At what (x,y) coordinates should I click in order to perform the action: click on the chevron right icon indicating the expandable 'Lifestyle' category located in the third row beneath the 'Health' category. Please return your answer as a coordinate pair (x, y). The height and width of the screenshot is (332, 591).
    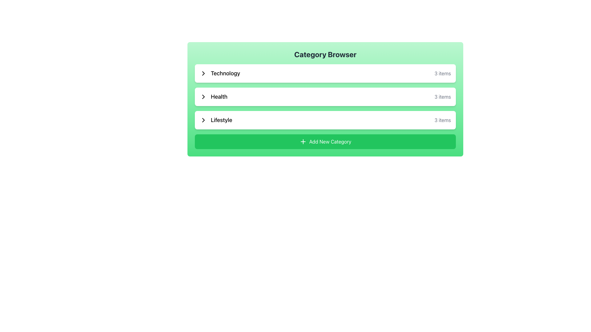
    Looking at the image, I should click on (203, 120).